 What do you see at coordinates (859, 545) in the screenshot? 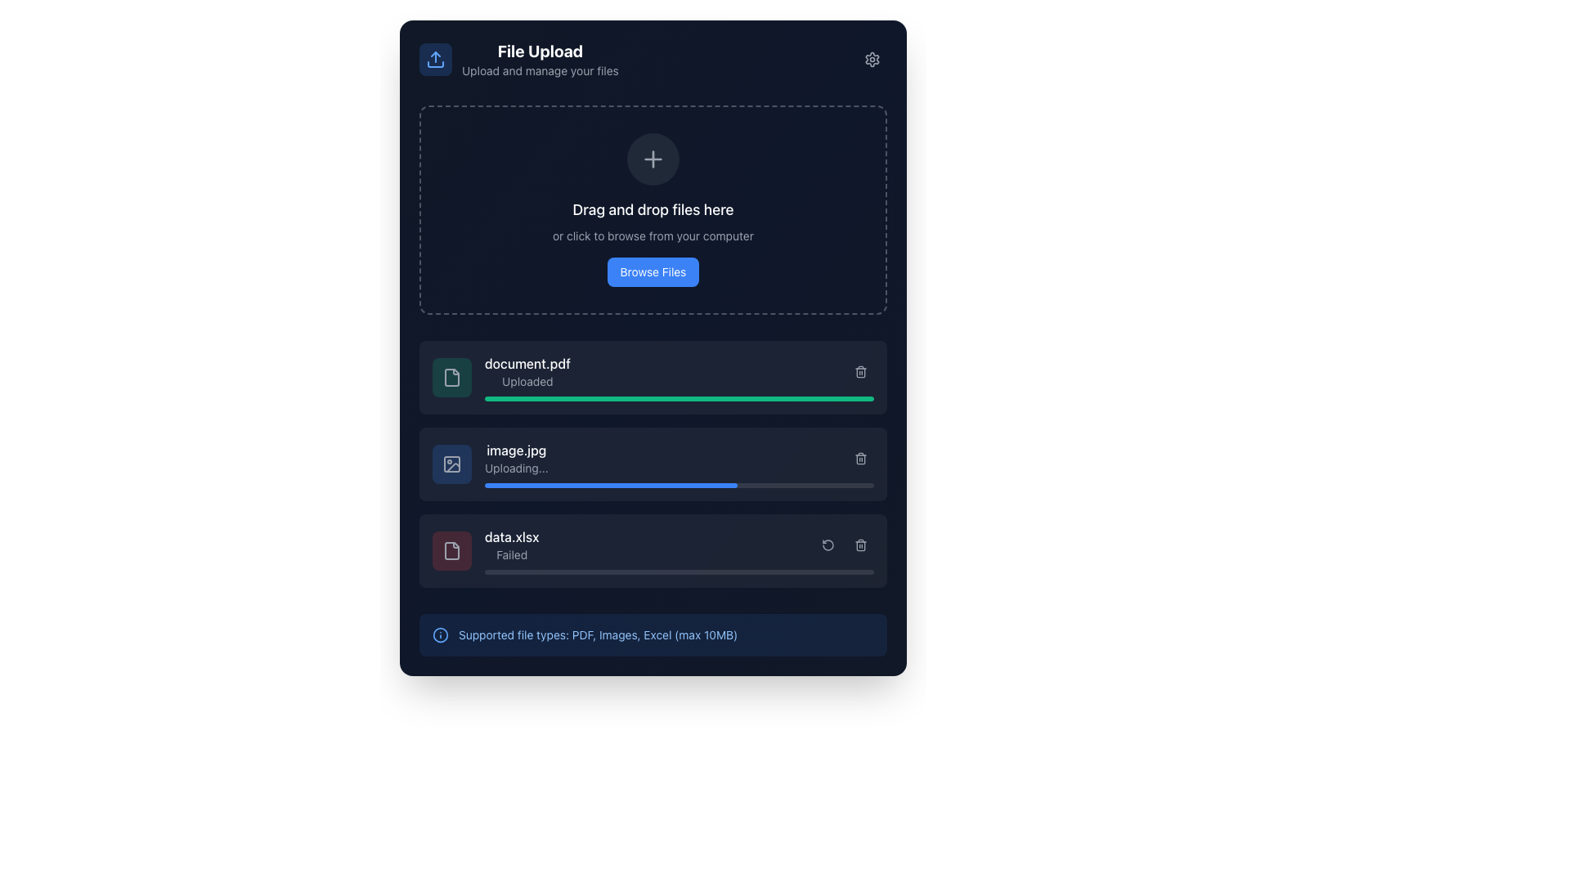
I see `the button` at bounding box center [859, 545].